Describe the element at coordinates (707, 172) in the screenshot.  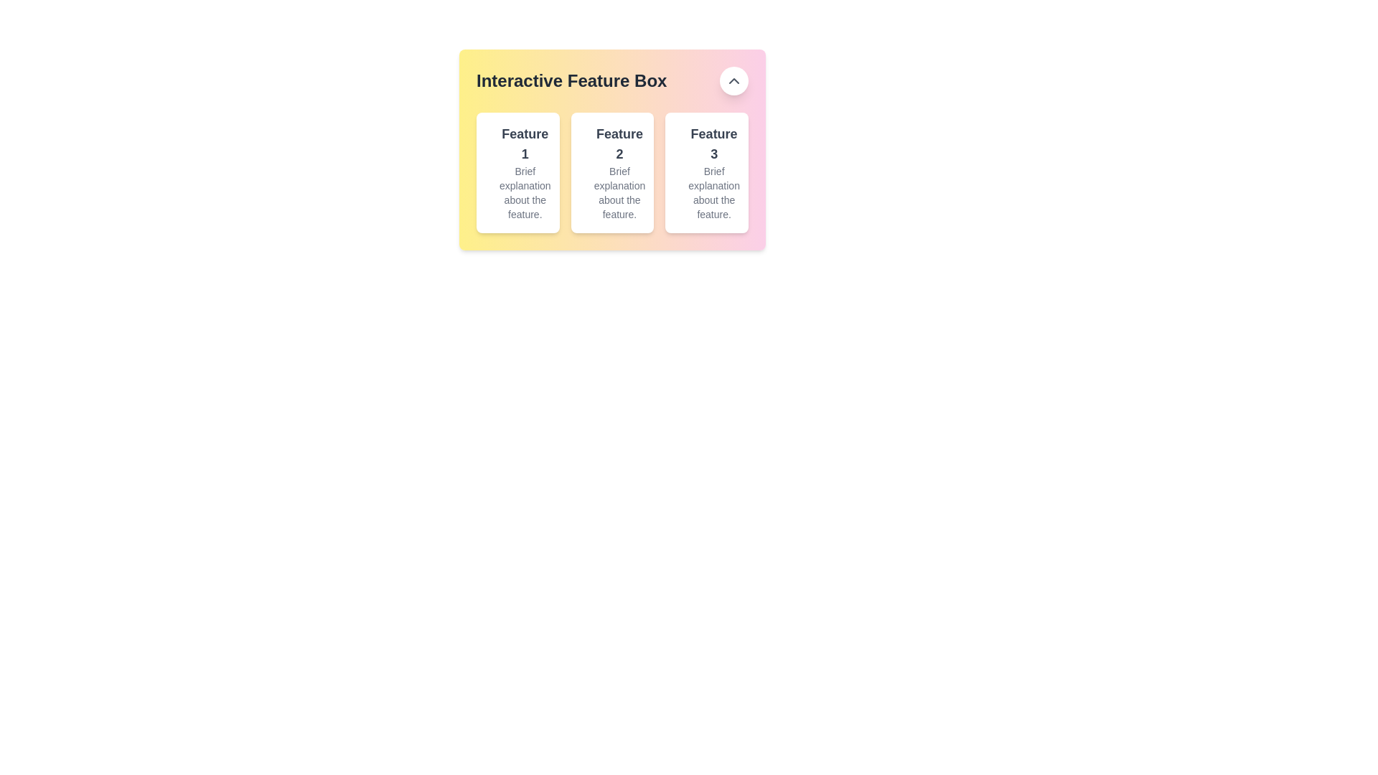
I see `the third card element in the row, which features a blue circular icon on the left and contains the text 'Feature 3' and 'Brief explanation about the feature.'` at that location.